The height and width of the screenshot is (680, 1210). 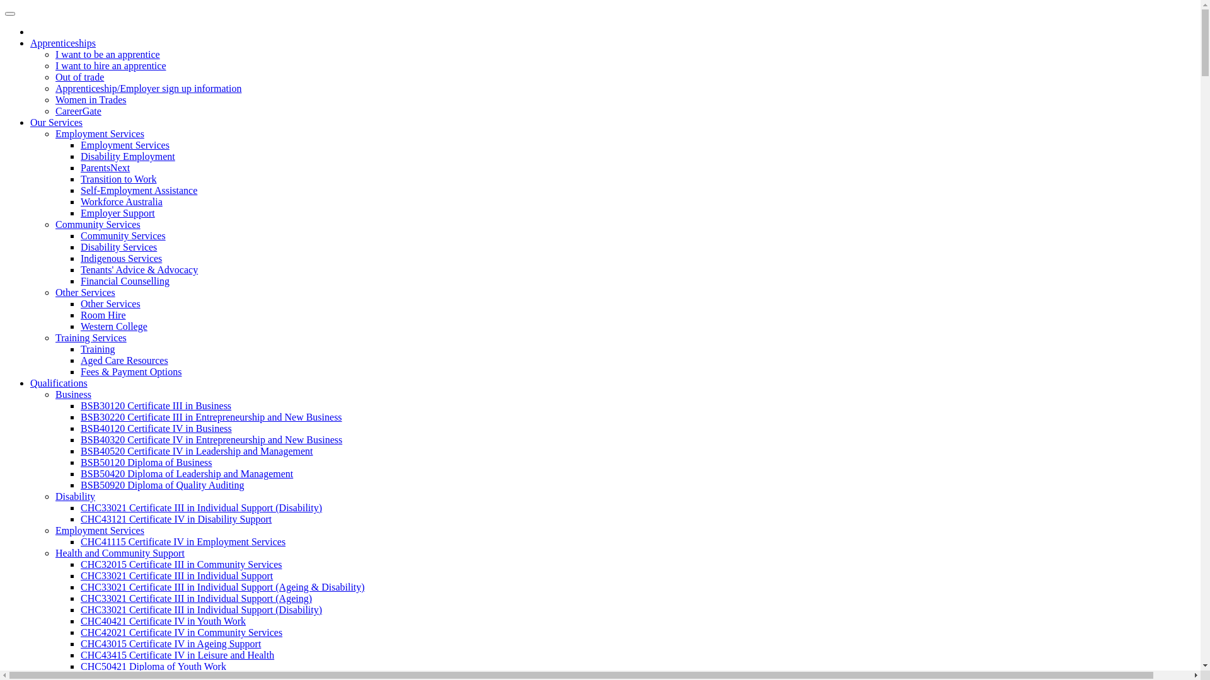 I want to click on 'Qualifications', so click(x=58, y=382).